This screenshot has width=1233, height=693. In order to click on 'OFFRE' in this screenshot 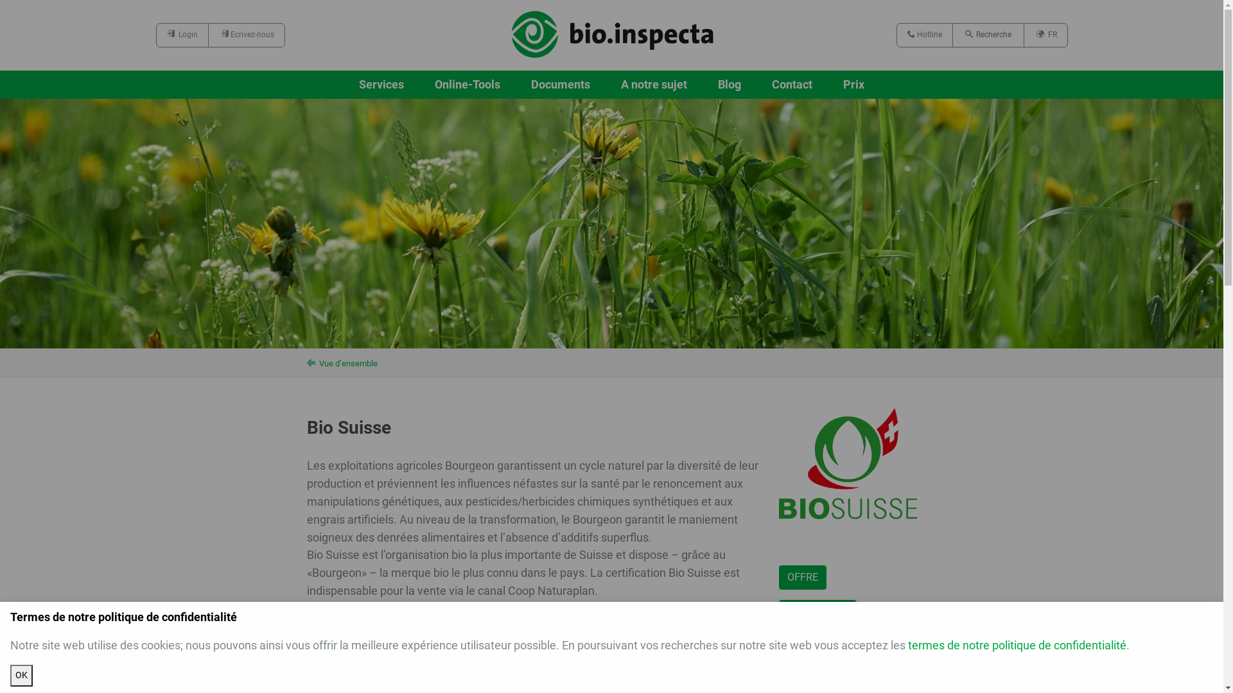, I will do `click(777, 576)`.